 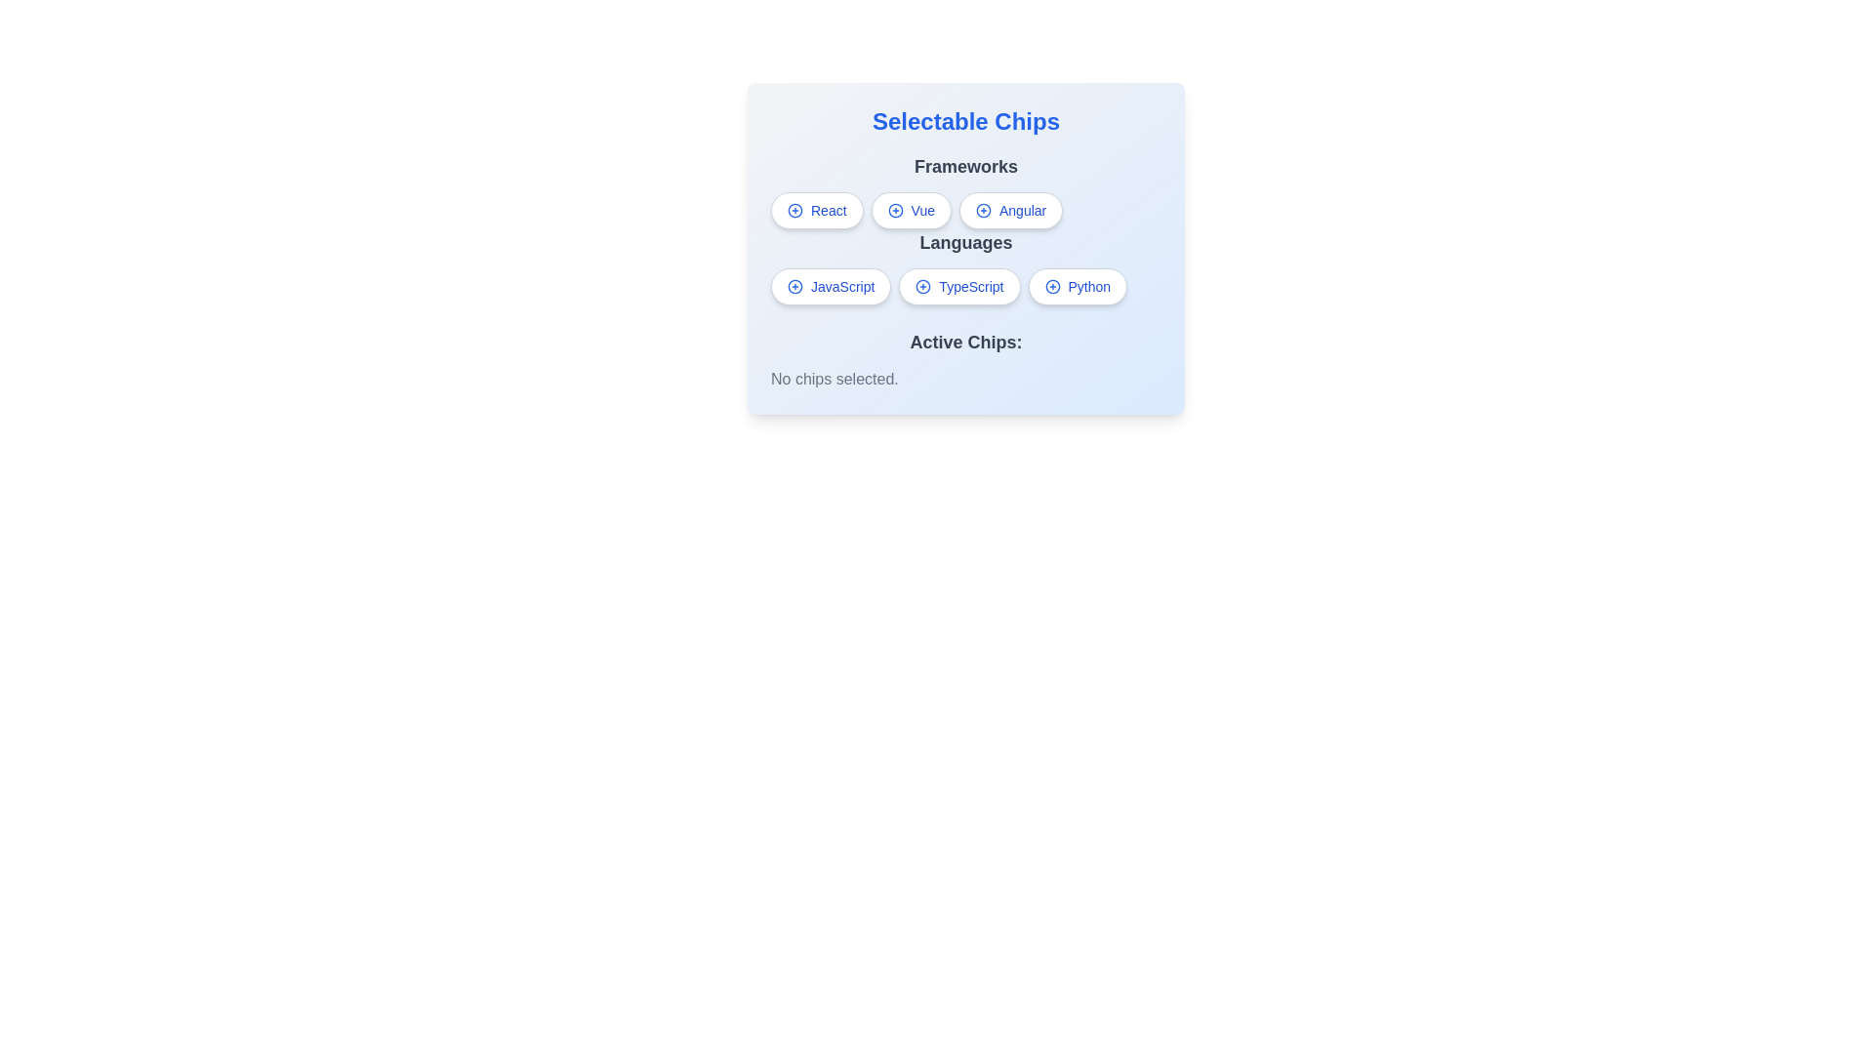 What do you see at coordinates (922, 286) in the screenshot?
I see `the blue circular icon with a bordered plus sign in the center, located inside the 'TypeScript' selection chip in the 'Languages' section` at bounding box center [922, 286].